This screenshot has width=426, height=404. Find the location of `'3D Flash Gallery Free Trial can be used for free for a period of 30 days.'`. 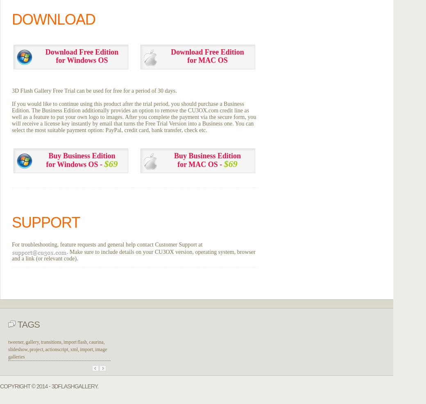

'3D Flash Gallery Free Trial can be used for free for a period of 30 days.' is located at coordinates (94, 90).